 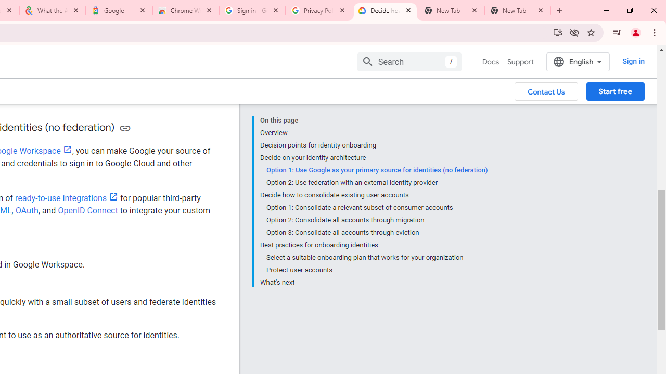 I want to click on 'Option 1: Consolidate a relevant subset of consumer accounts', so click(x=376, y=207).